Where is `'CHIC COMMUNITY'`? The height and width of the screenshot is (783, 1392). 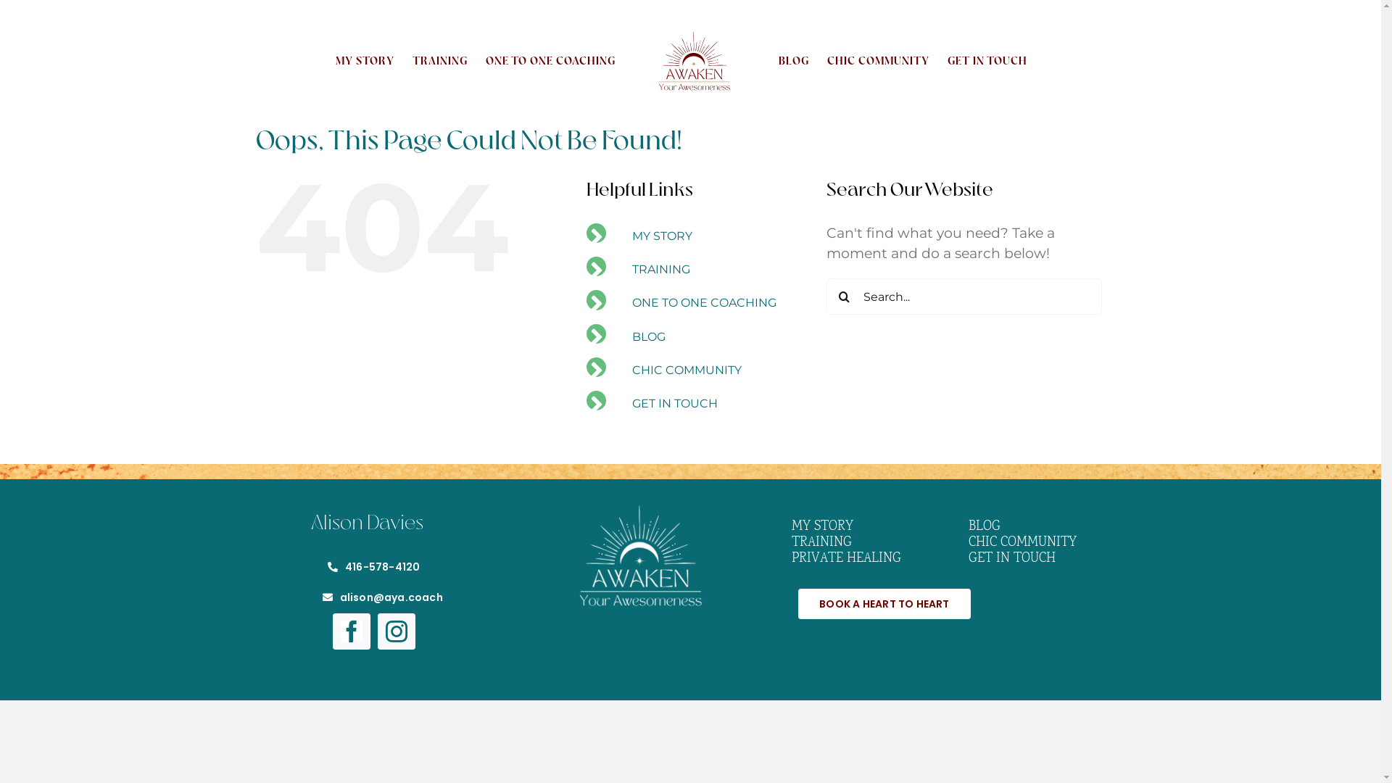
'CHIC COMMUNITY' is located at coordinates (686, 369).